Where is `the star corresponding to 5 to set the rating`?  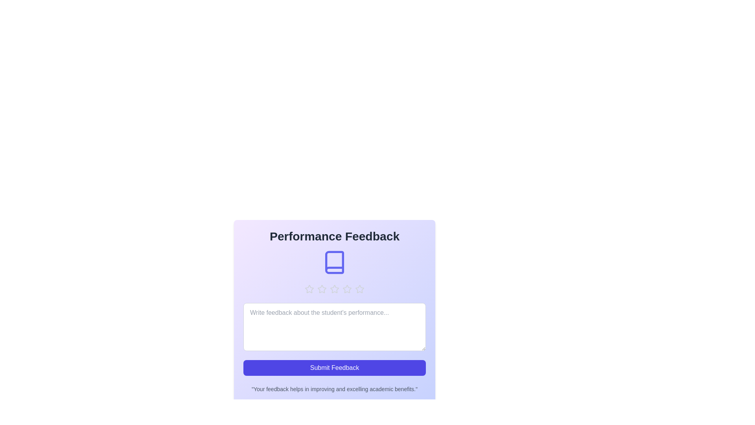 the star corresponding to 5 to set the rating is located at coordinates (359, 289).